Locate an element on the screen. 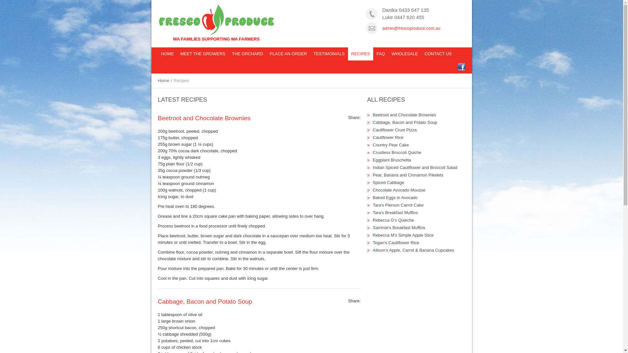 The height and width of the screenshot is (353, 628). 'Cauliflower Rice' is located at coordinates (388, 137).